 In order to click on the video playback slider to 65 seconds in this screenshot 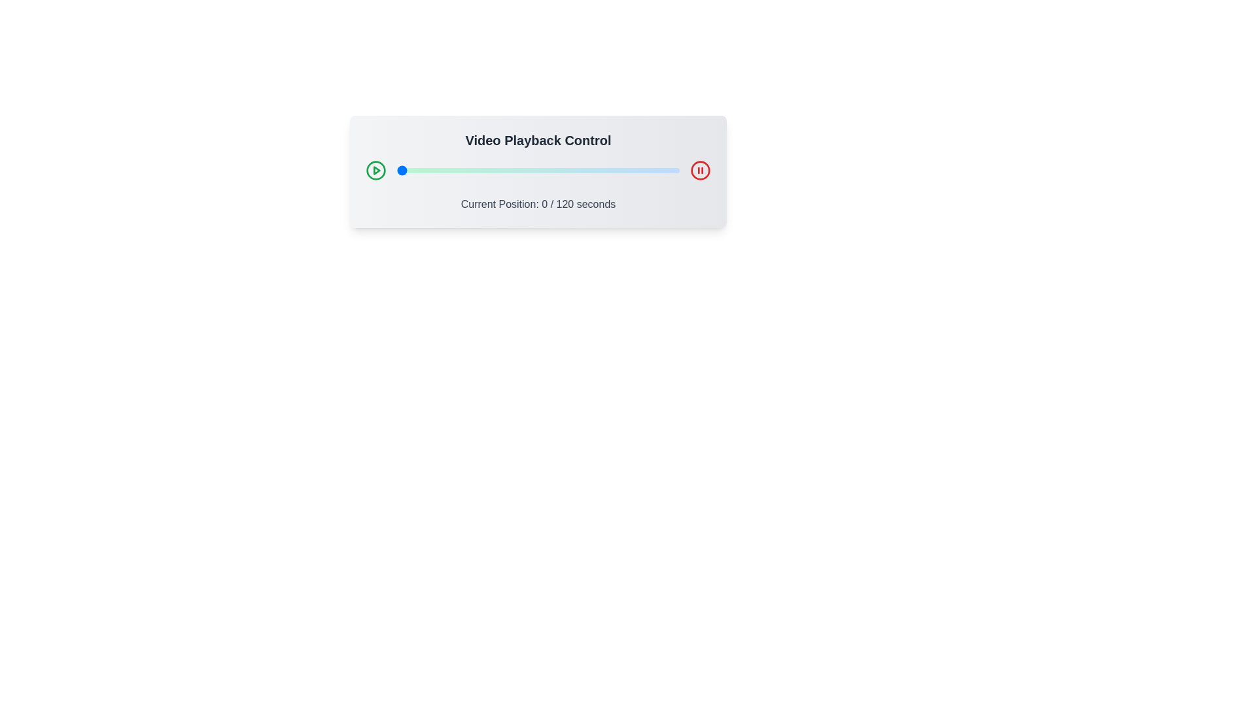, I will do `click(549, 170)`.